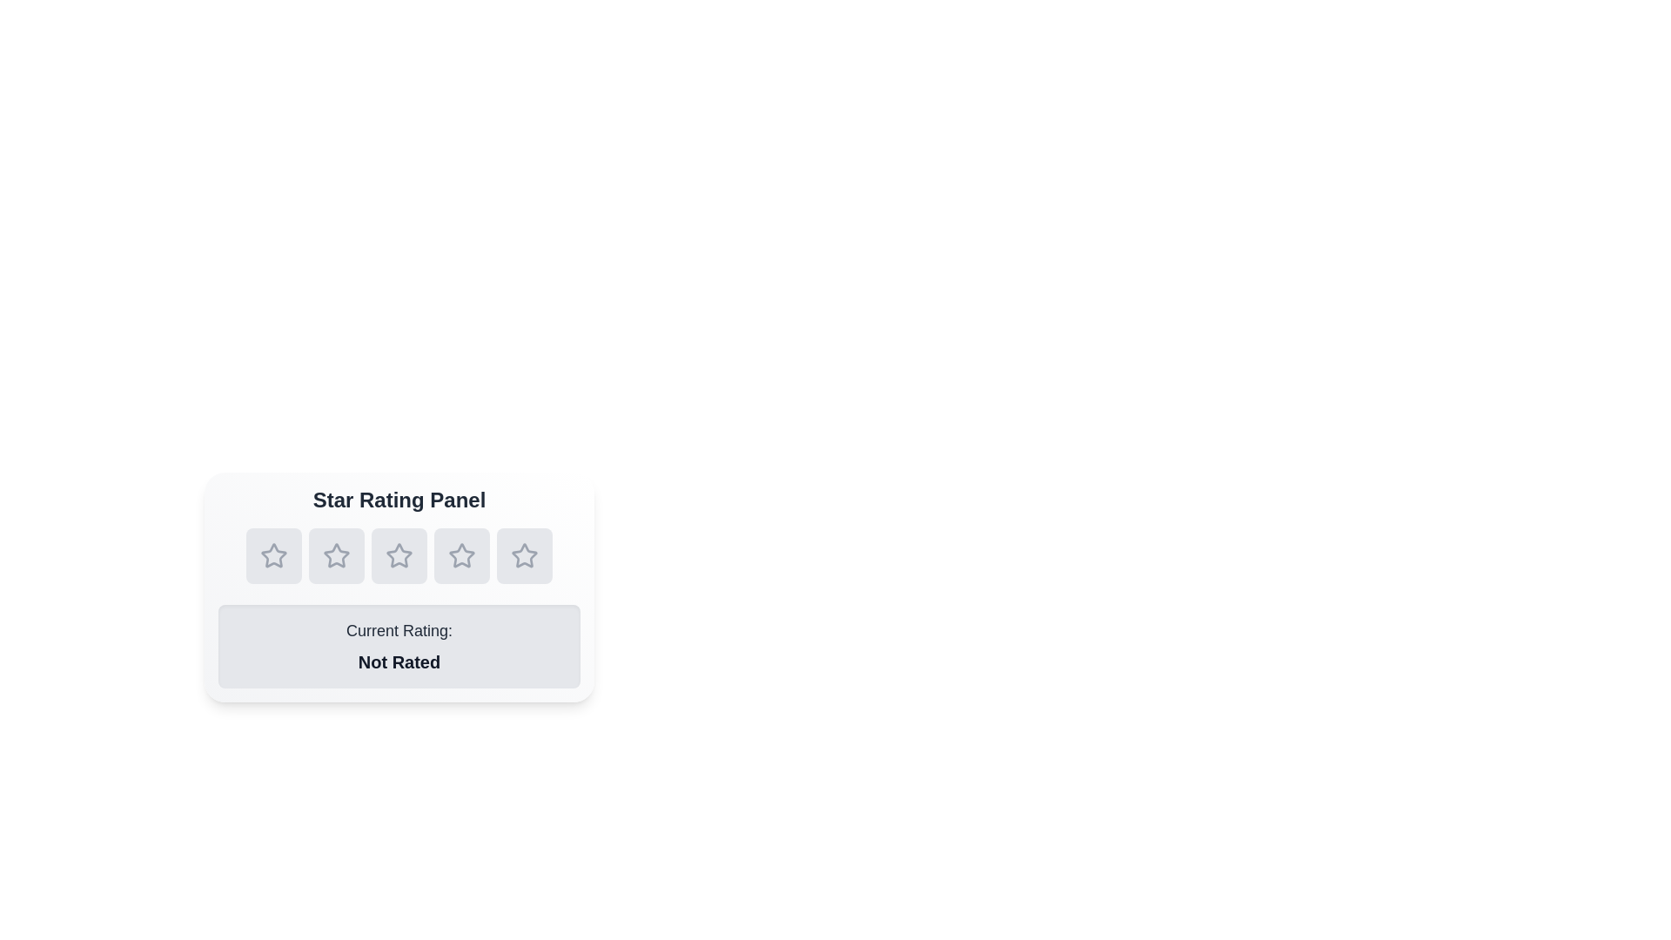  Describe the element at coordinates (524, 555) in the screenshot. I see `the fifth star icon in the horizontal sequence of star icons which is located underneath the 'Star Rating Panel' heading` at that location.